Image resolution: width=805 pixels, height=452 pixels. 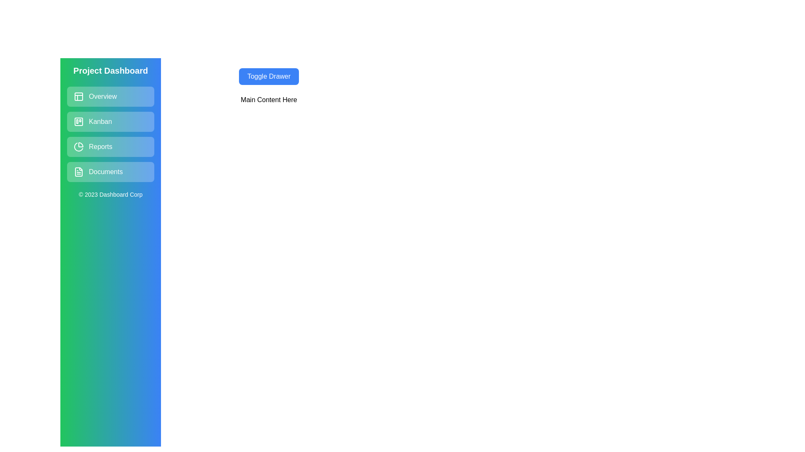 What do you see at coordinates (110, 195) in the screenshot?
I see `the footer message to interact with it` at bounding box center [110, 195].